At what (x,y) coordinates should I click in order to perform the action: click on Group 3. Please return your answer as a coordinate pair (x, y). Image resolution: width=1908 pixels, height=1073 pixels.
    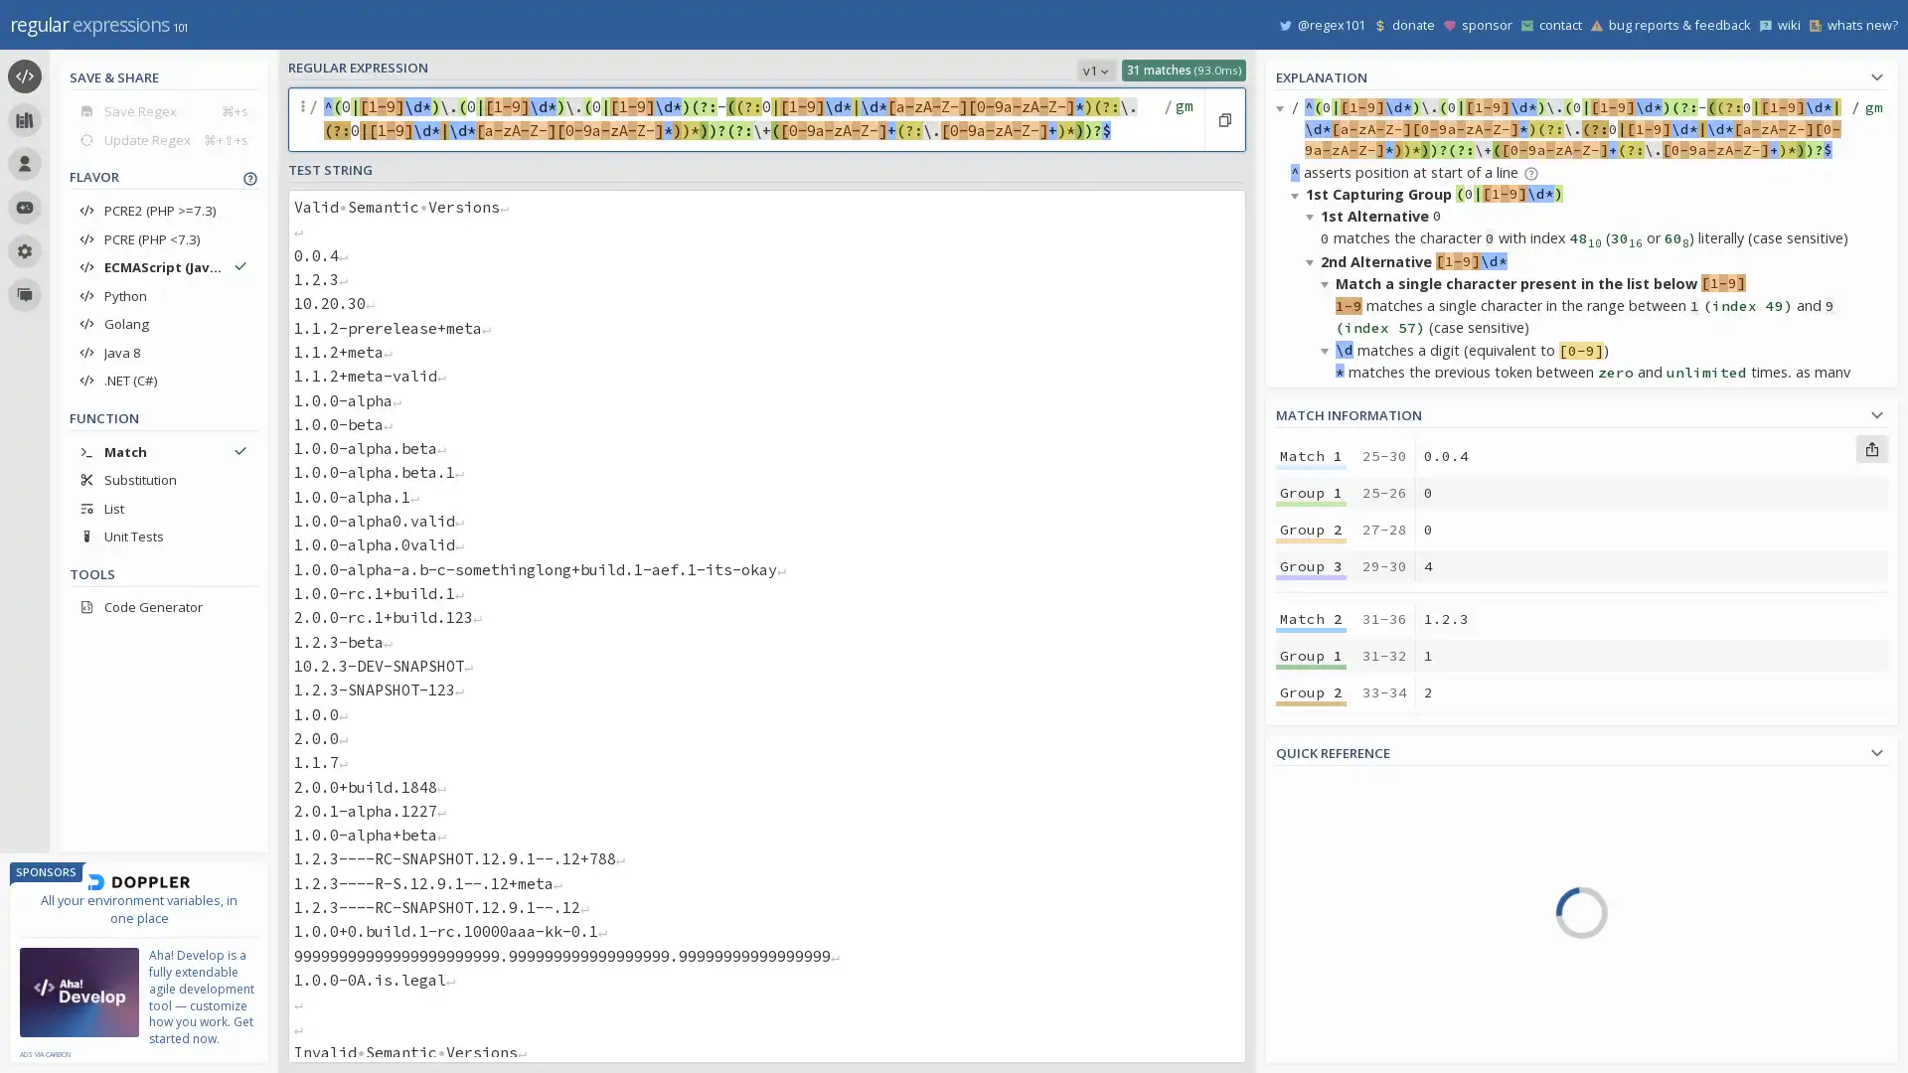
    Looking at the image, I should click on (1311, 891).